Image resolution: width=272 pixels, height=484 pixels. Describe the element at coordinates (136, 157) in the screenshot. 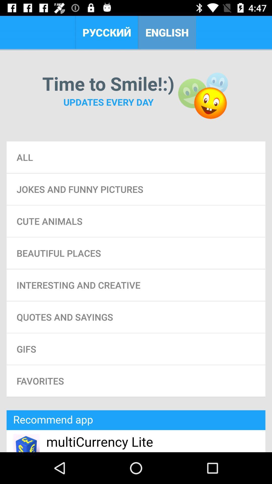

I see `item above jokes and funny item` at that location.